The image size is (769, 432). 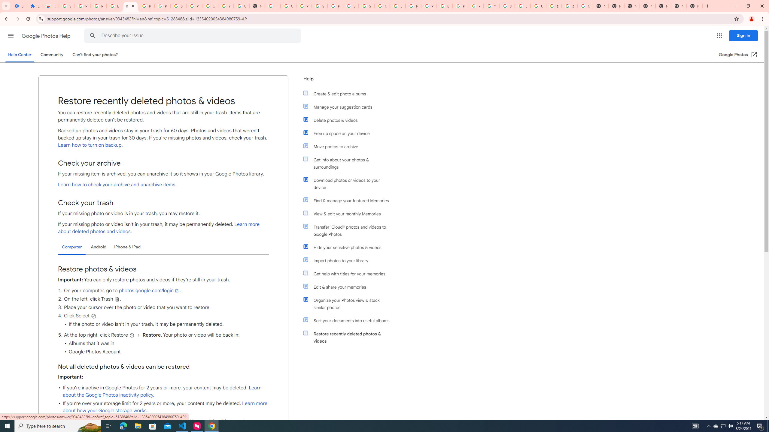 What do you see at coordinates (209, 6) in the screenshot?
I see `'Google Account'` at bounding box center [209, 6].